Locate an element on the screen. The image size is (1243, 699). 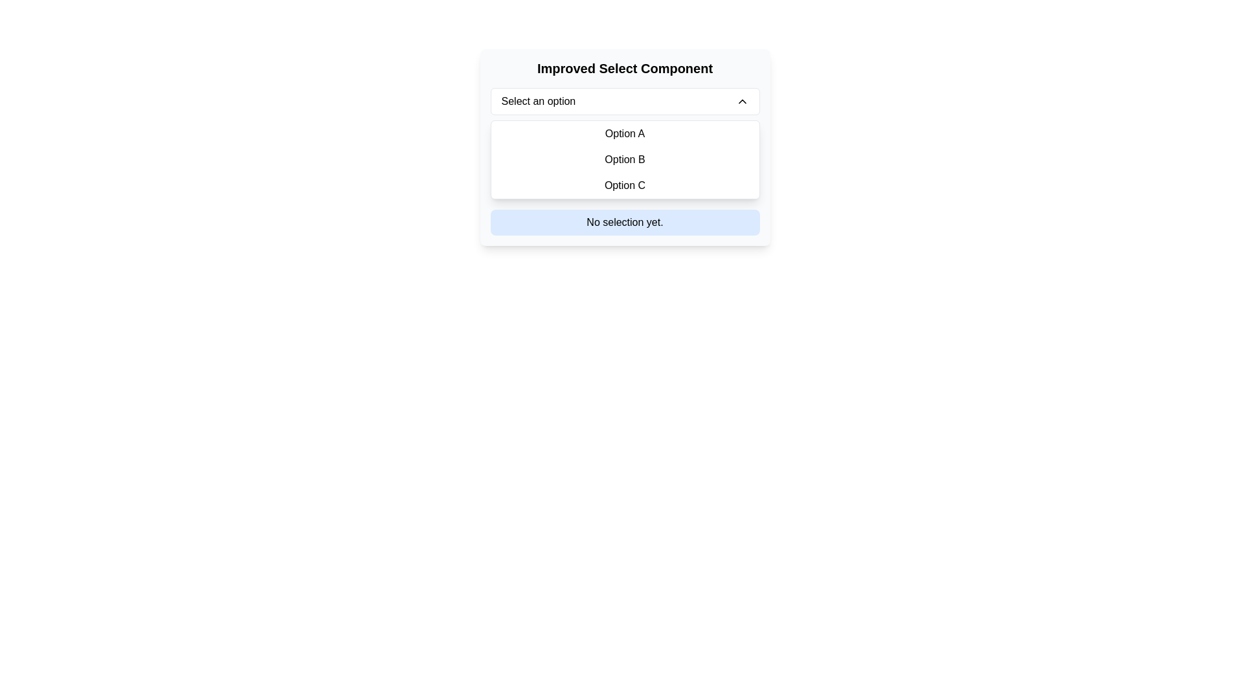
the downward-pointing chevron icon located to the far right of the dropdown button labeled 'Select an option' is located at coordinates (742, 101).